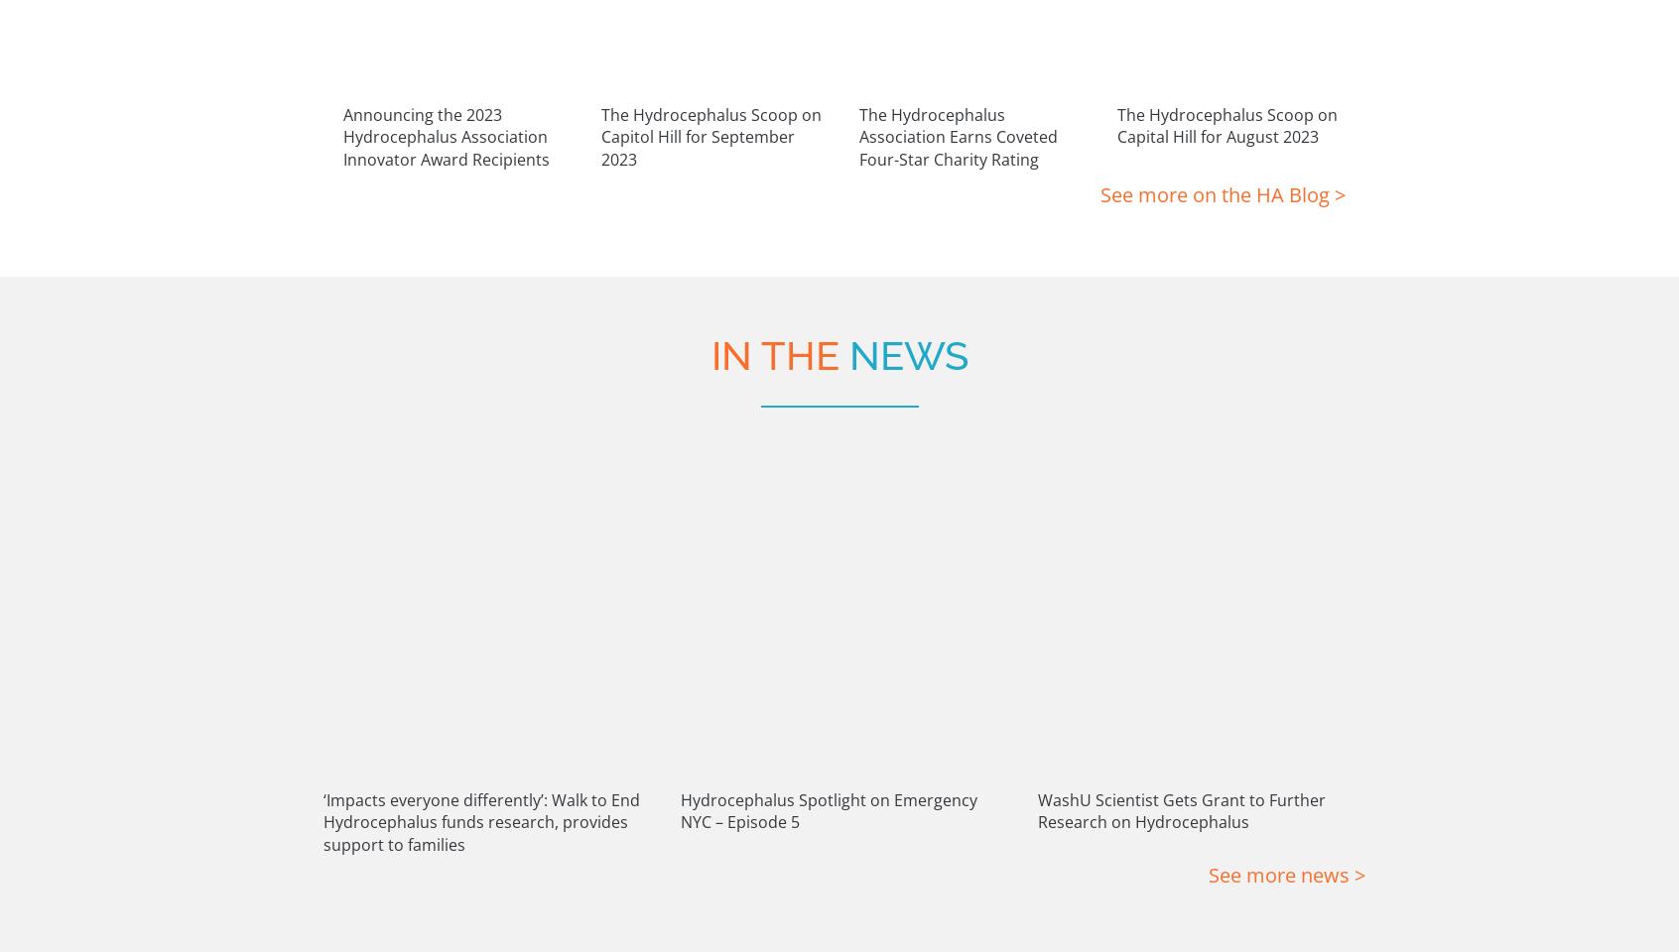 This screenshot has height=952, width=1679. What do you see at coordinates (907, 100) in the screenshot?
I see `'NEWS'` at bounding box center [907, 100].